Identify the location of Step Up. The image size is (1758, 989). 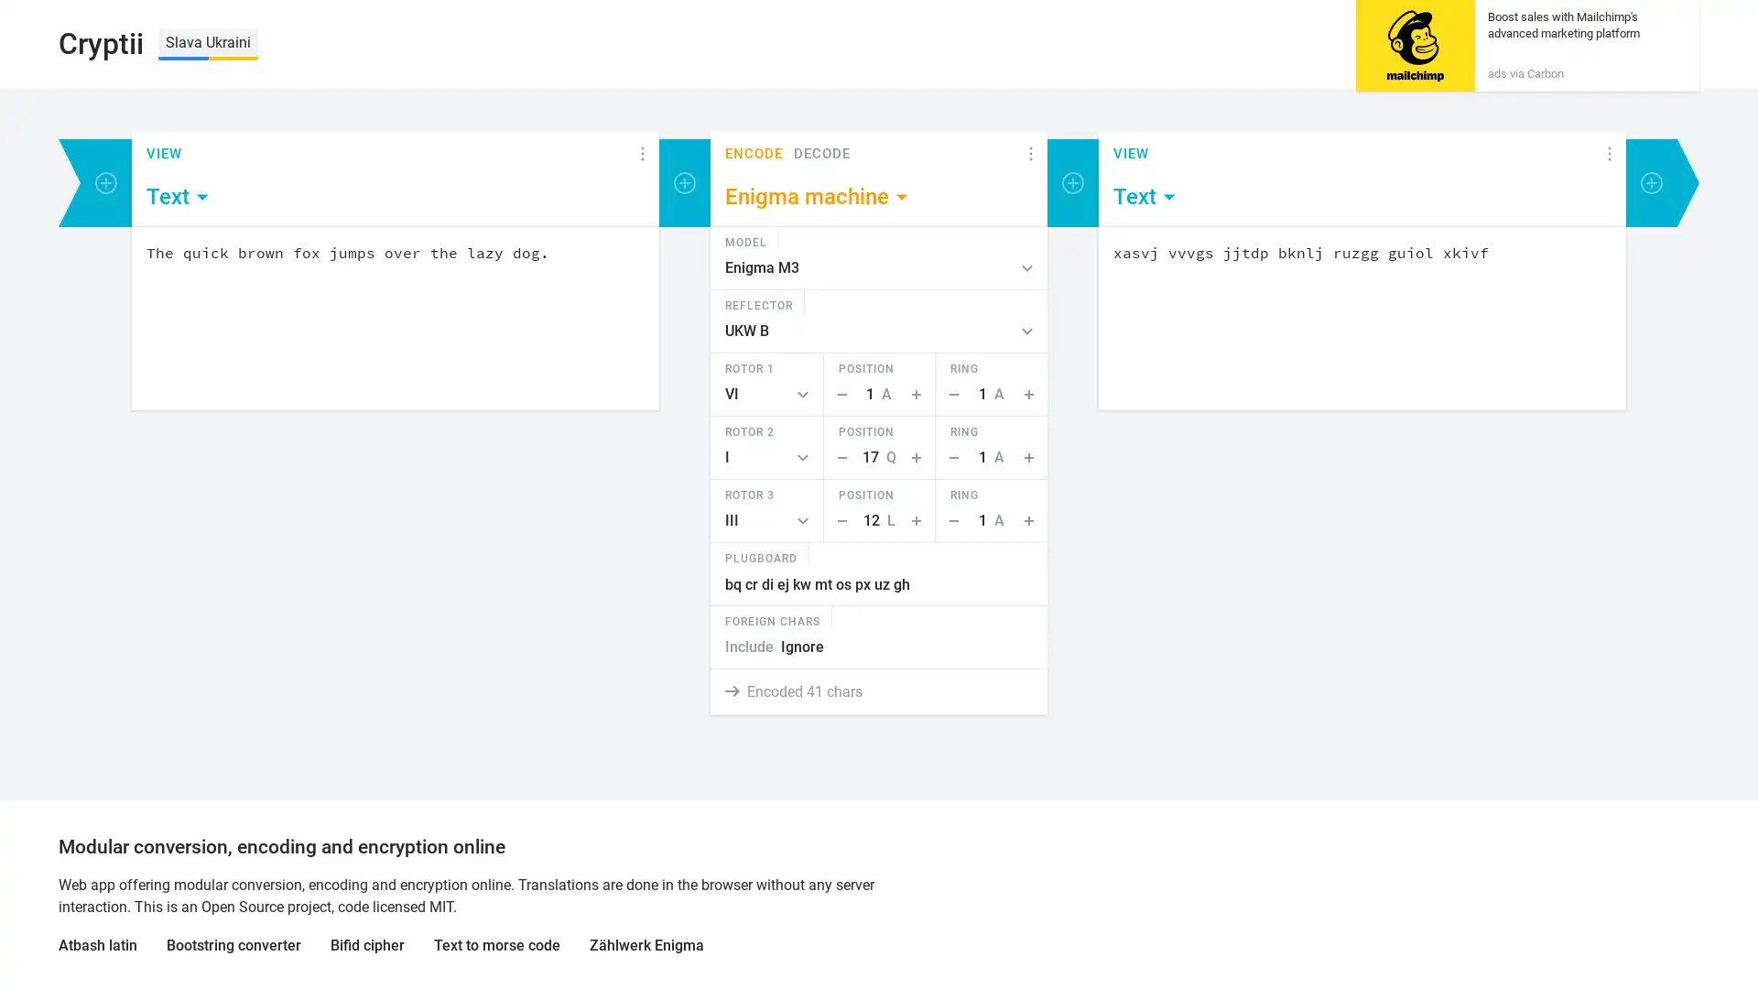
(1032, 457).